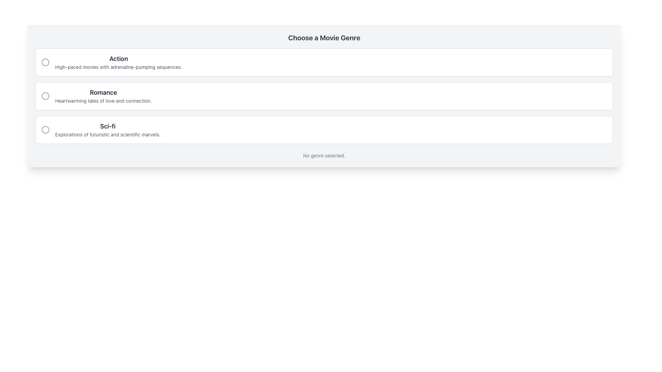 This screenshot has width=662, height=372. Describe the element at coordinates (103, 92) in the screenshot. I see `the 'Romance' movie genre label, which serves as a title for the genre and is located above a descriptive text block in the second grouping of movie genres` at that location.